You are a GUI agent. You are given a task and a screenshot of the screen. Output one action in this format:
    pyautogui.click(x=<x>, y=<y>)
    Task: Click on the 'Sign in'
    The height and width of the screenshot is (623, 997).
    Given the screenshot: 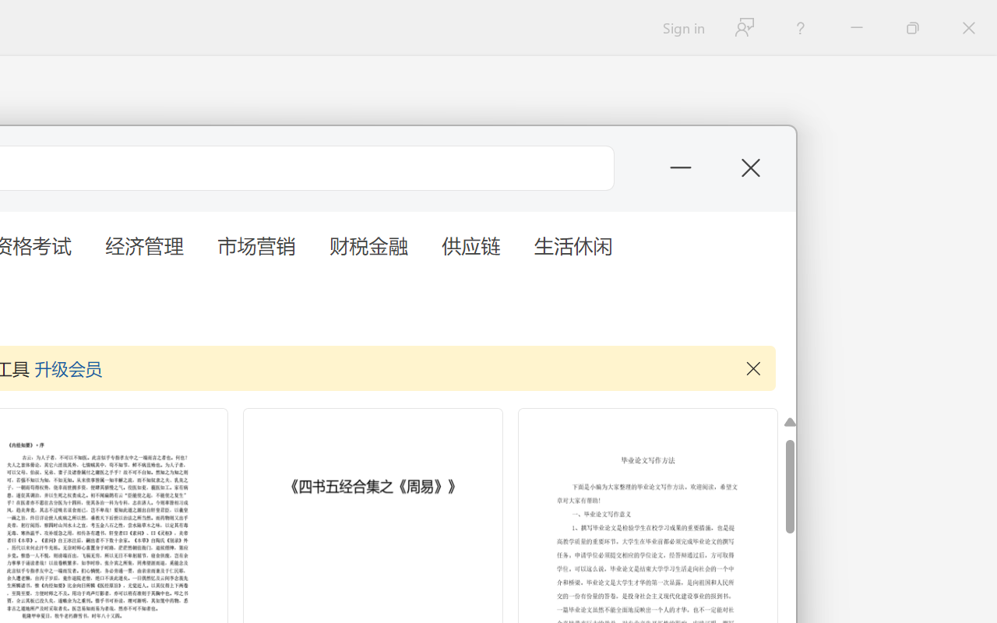 What is the action you would take?
    pyautogui.click(x=682, y=26)
    